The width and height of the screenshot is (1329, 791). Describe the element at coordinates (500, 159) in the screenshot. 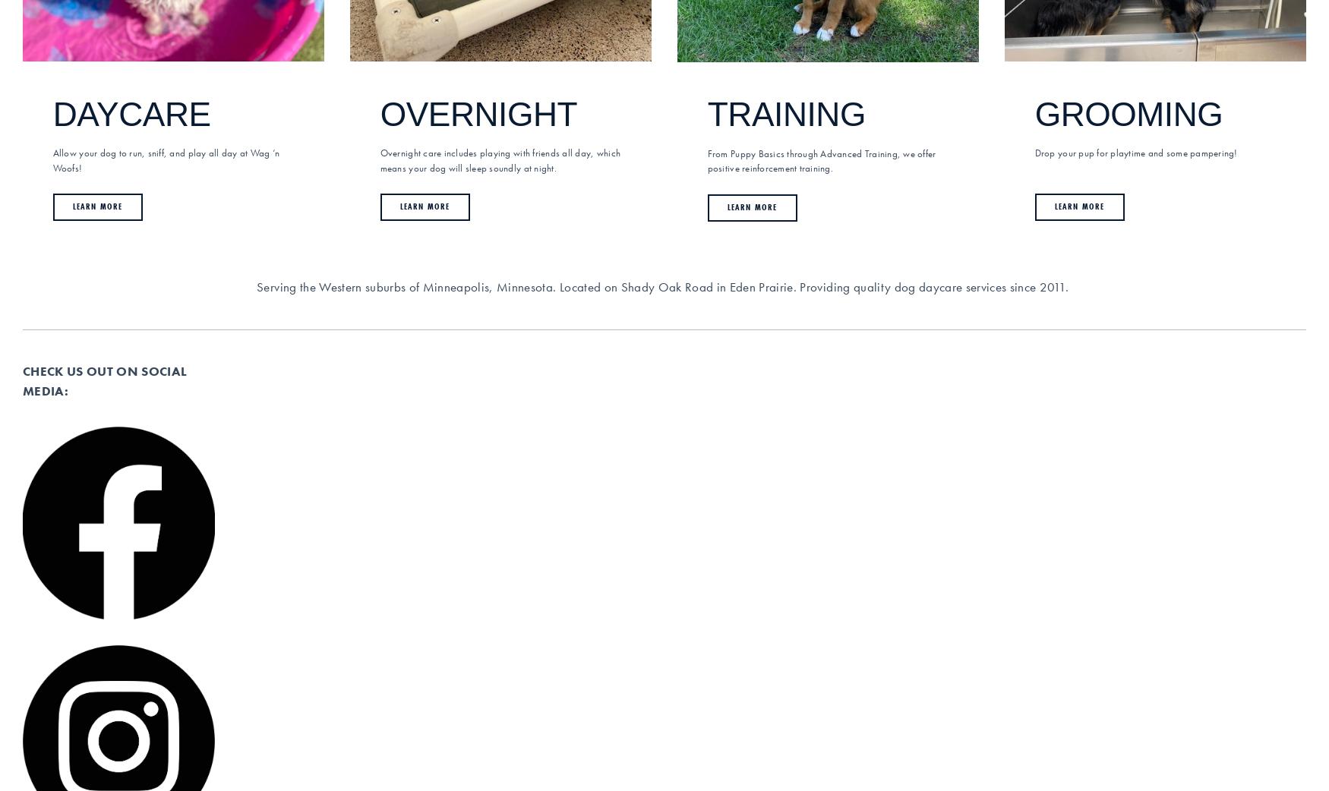

I see `'Overnight care includes playing with friends all day, which means your dog will sleep soundly at night.'` at that location.